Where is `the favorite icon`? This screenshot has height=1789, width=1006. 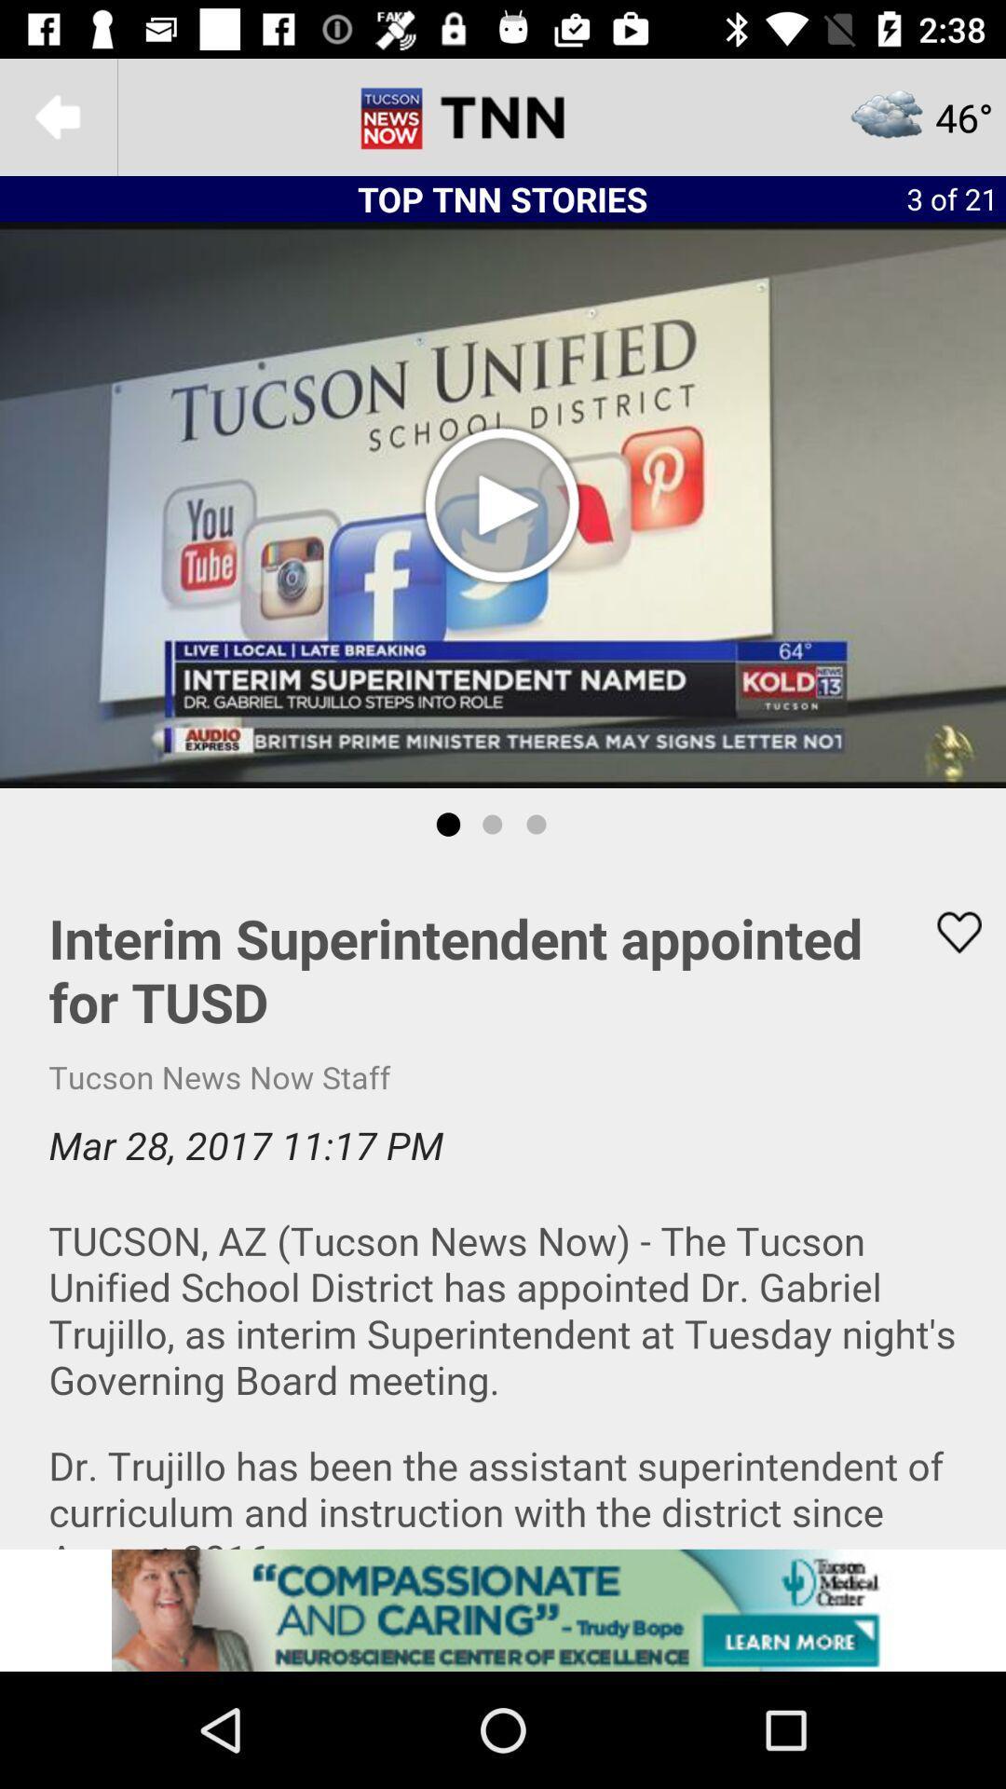 the favorite icon is located at coordinates (947, 932).